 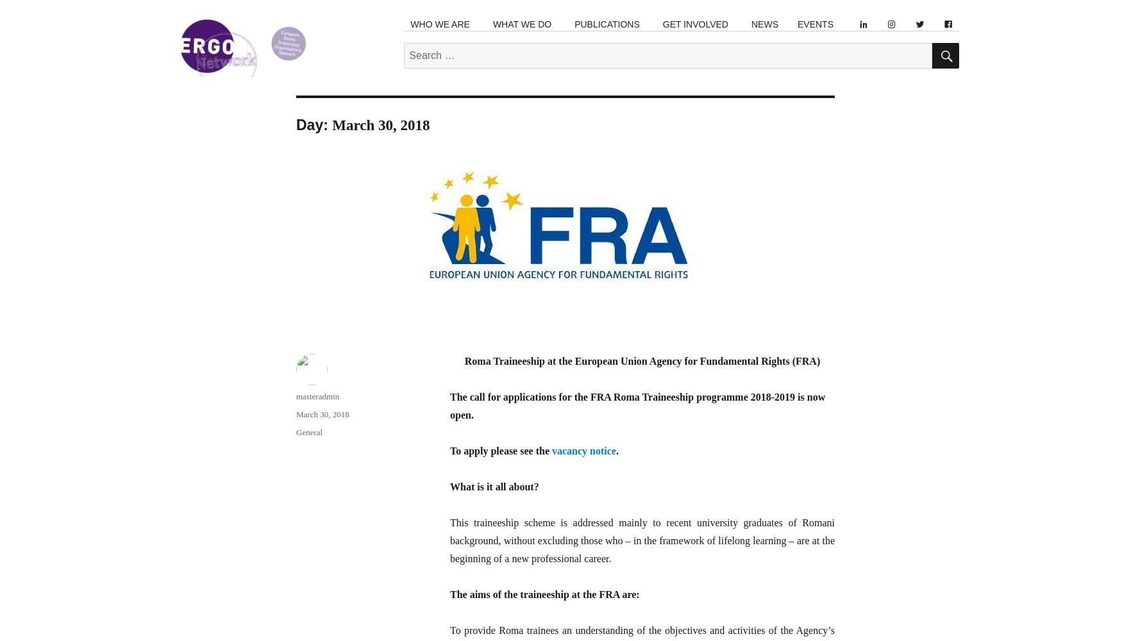 What do you see at coordinates (522, 24) in the screenshot?
I see `'WHAT WE DO'` at bounding box center [522, 24].